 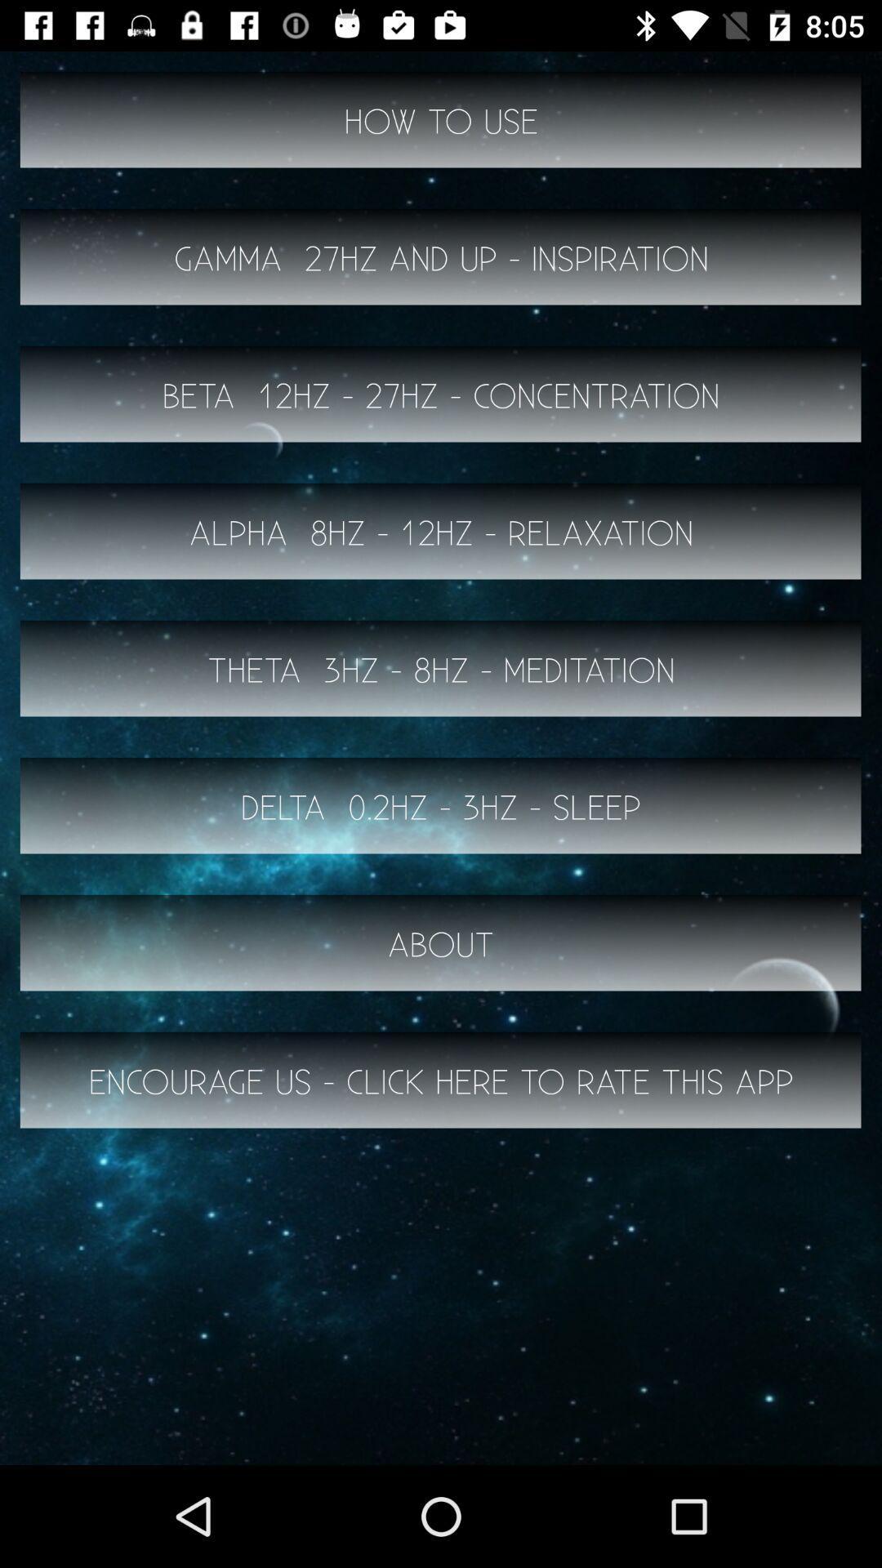 What do you see at coordinates (441, 119) in the screenshot?
I see `the how to use` at bounding box center [441, 119].